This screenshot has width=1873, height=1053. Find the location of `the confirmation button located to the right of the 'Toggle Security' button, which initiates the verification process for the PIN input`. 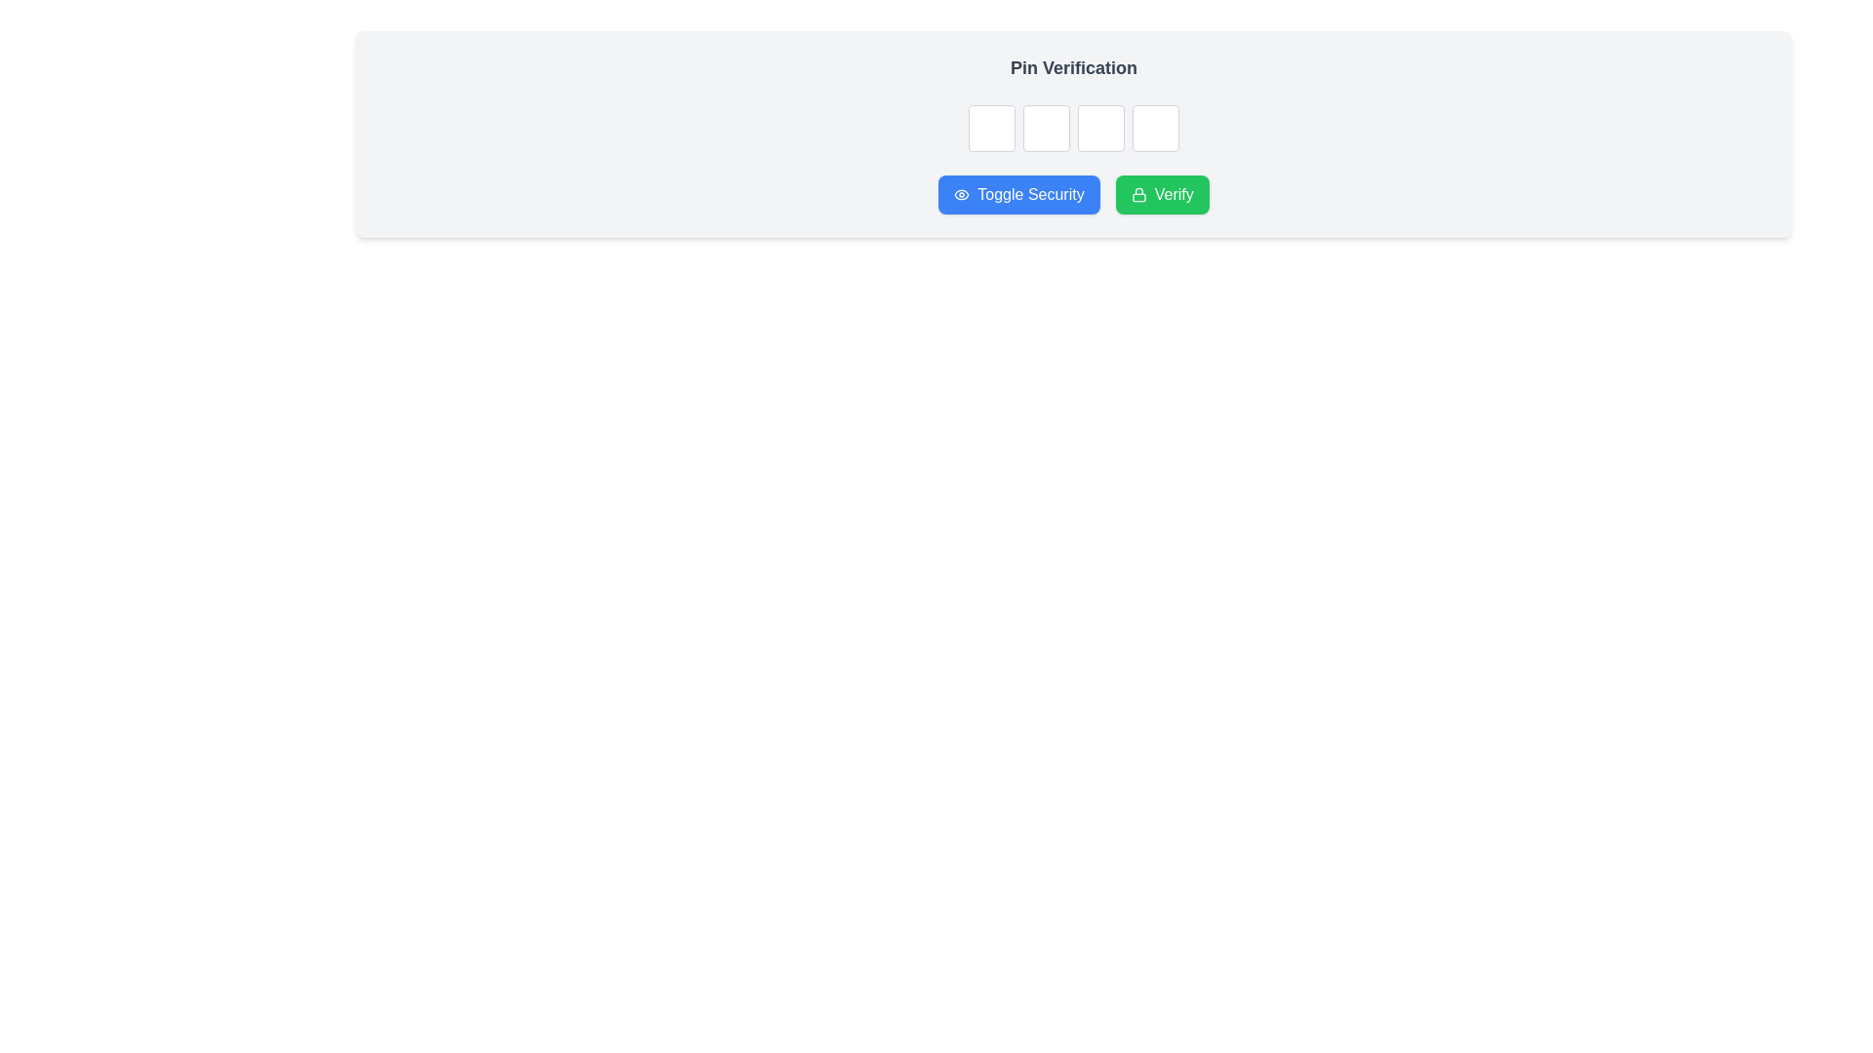

the confirmation button located to the right of the 'Toggle Security' button, which initiates the verification process for the PIN input is located at coordinates (1162, 195).